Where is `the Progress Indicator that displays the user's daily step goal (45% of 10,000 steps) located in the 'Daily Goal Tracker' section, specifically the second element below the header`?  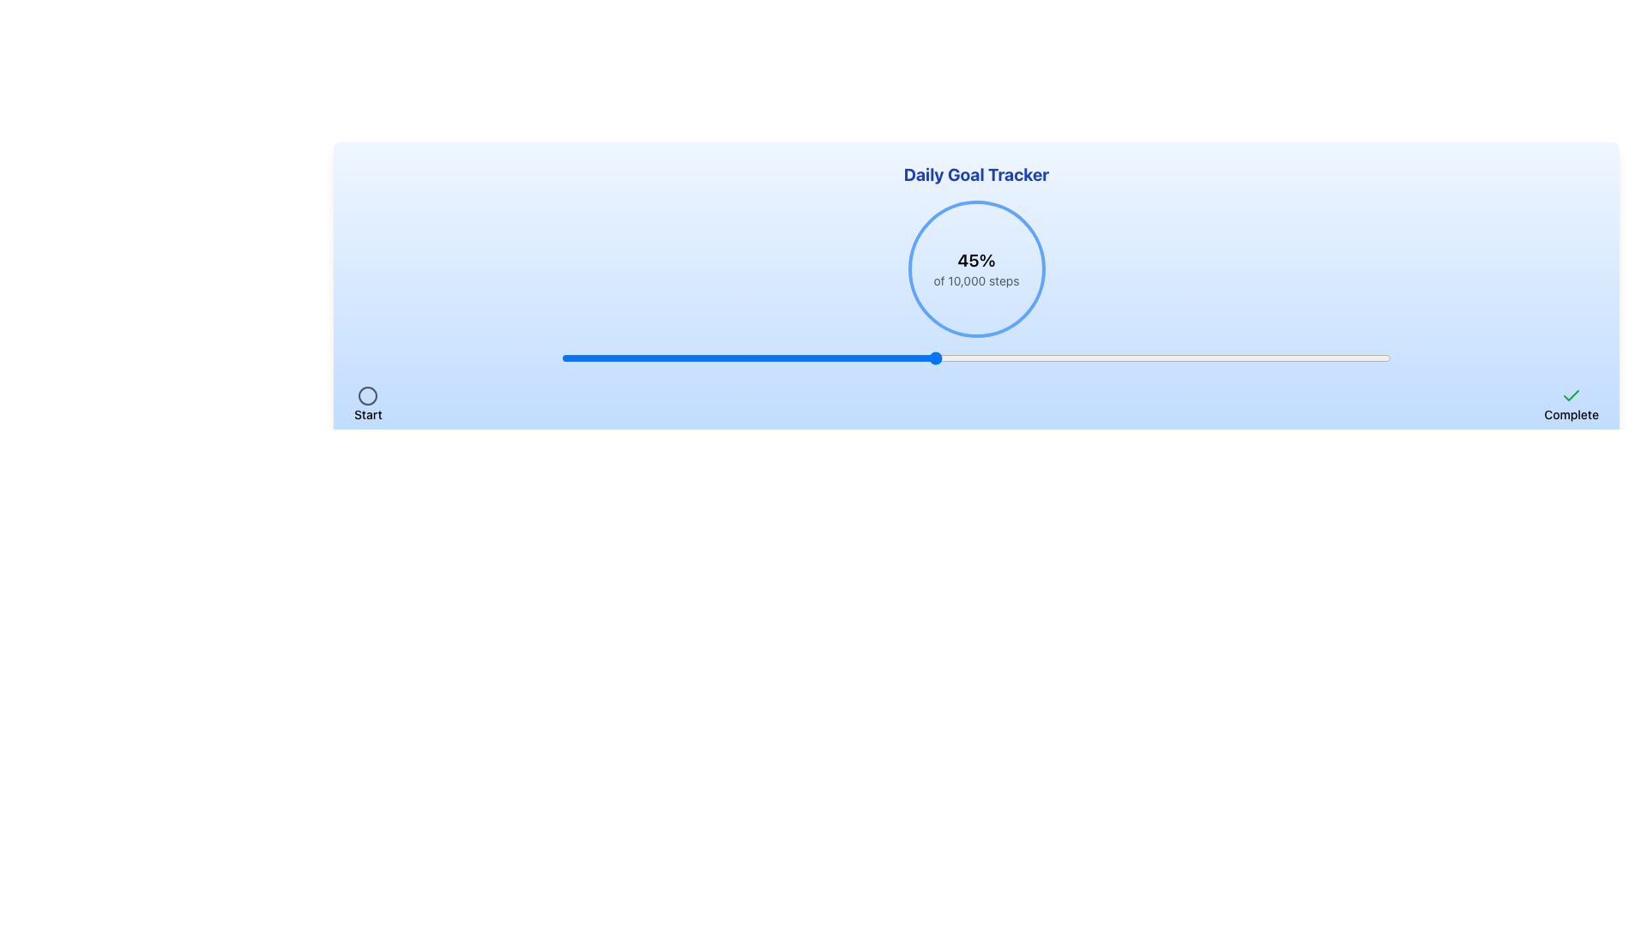
the Progress Indicator that displays the user's daily step goal (45% of 10,000 steps) located in the 'Daily Goal Tracker' section, specifically the second element below the header is located at coordinates (976, 268).